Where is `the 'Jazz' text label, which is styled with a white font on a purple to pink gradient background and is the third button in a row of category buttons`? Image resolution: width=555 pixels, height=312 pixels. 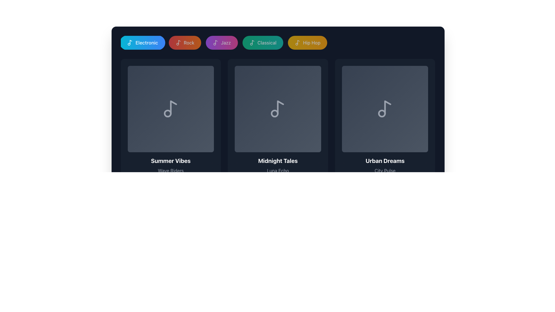 the 'Jazz' text label, which is styled with a white font on a purple to pink gradient background and is the third button in a row of category buttons is located at coordinates (225, 42).